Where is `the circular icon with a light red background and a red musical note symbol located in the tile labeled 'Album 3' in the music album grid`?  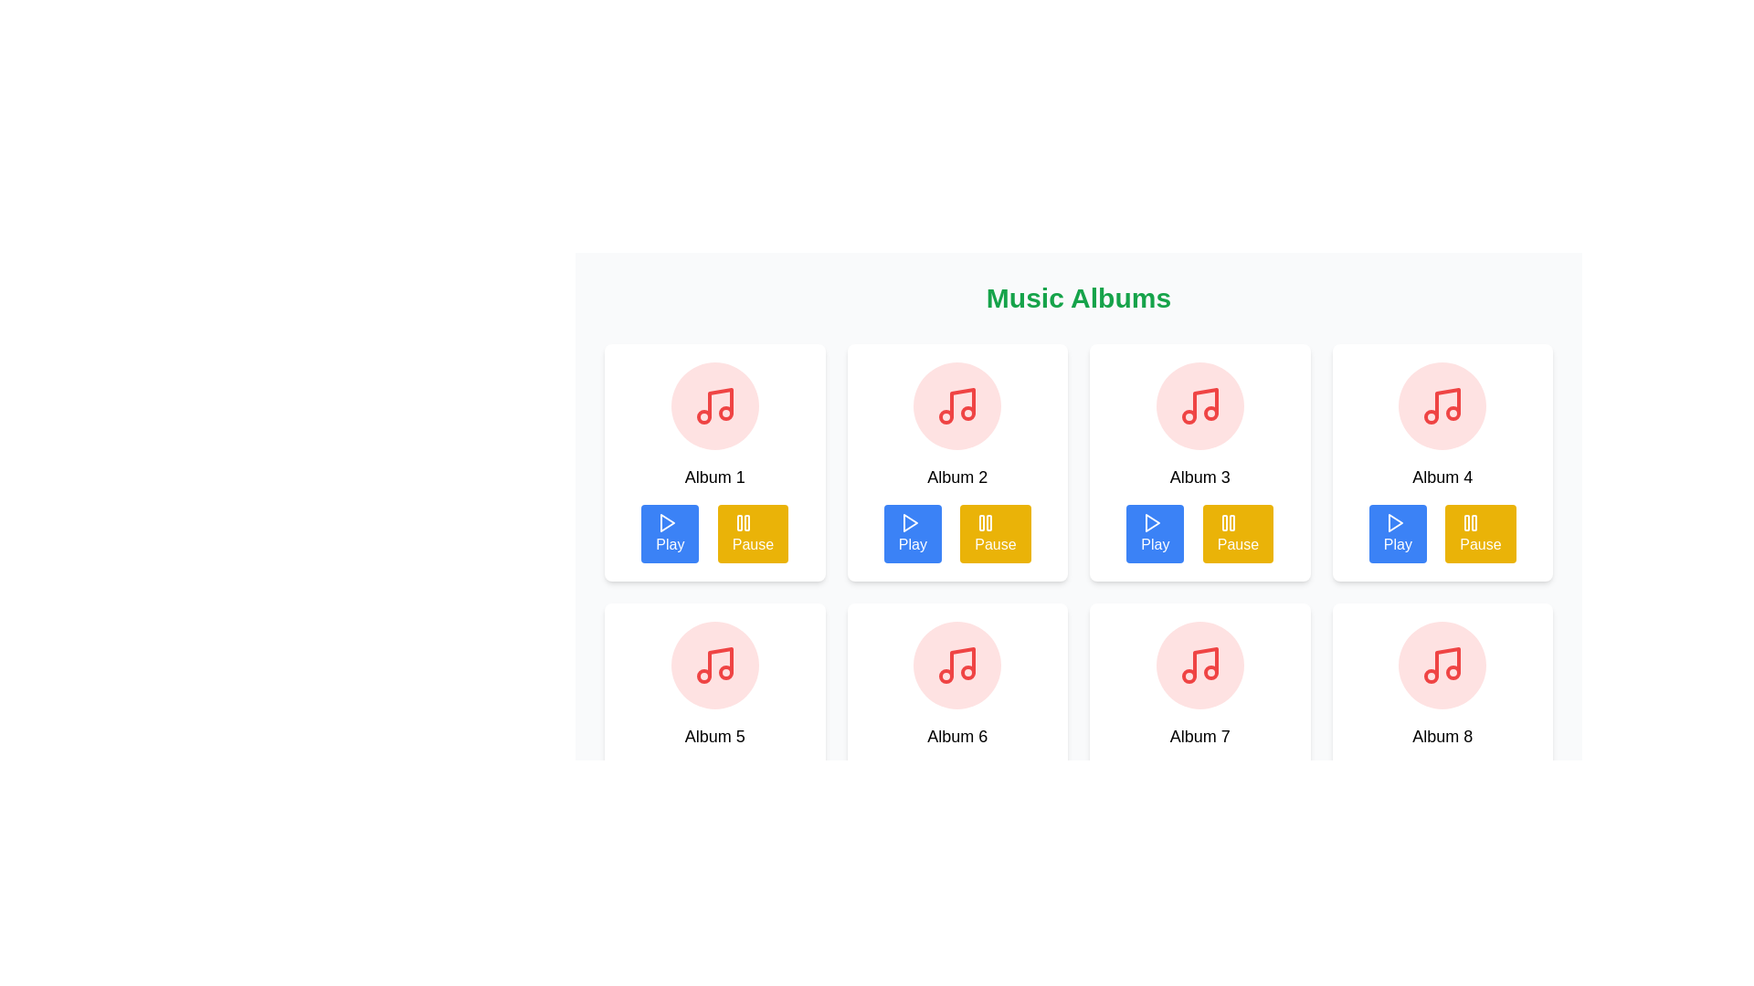
the circular icon with a light red background and a red musical note symbol located in the tile labeled 'Album 3' in the music album grid is located at coordinates (1199, 404).